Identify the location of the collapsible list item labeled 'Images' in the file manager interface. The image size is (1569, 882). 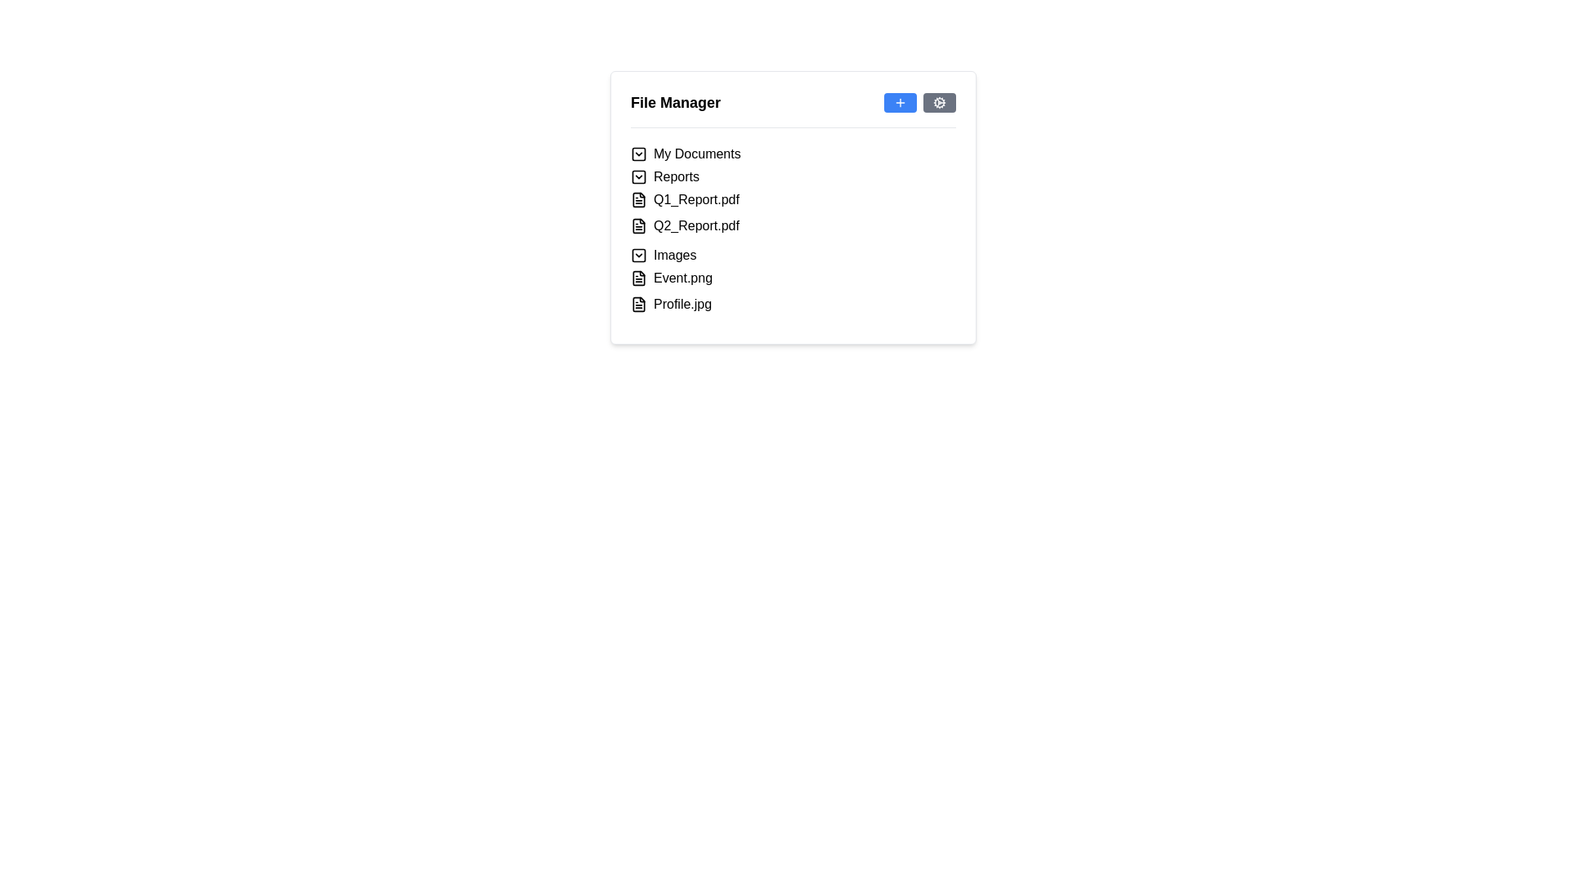
(793, 255).